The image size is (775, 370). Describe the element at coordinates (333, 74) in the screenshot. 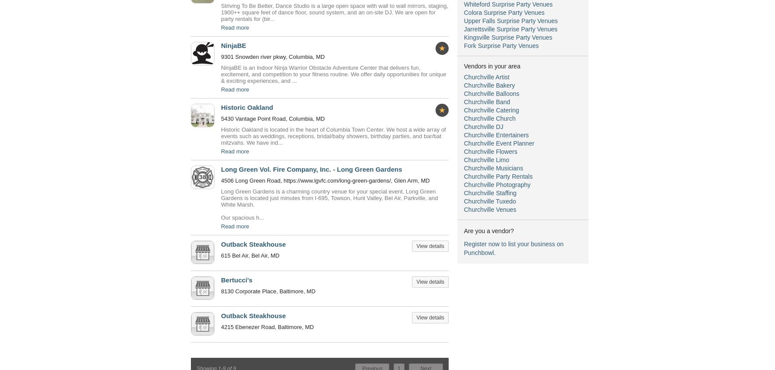

I see `'NinjaBE is an Indoor Ninja Warrior Obstacle Adventure Center that delivers fun, excitement, and competition to your fitness routine. We offer daily opportunities for unique & exciting experiences, and ...'` at that location.